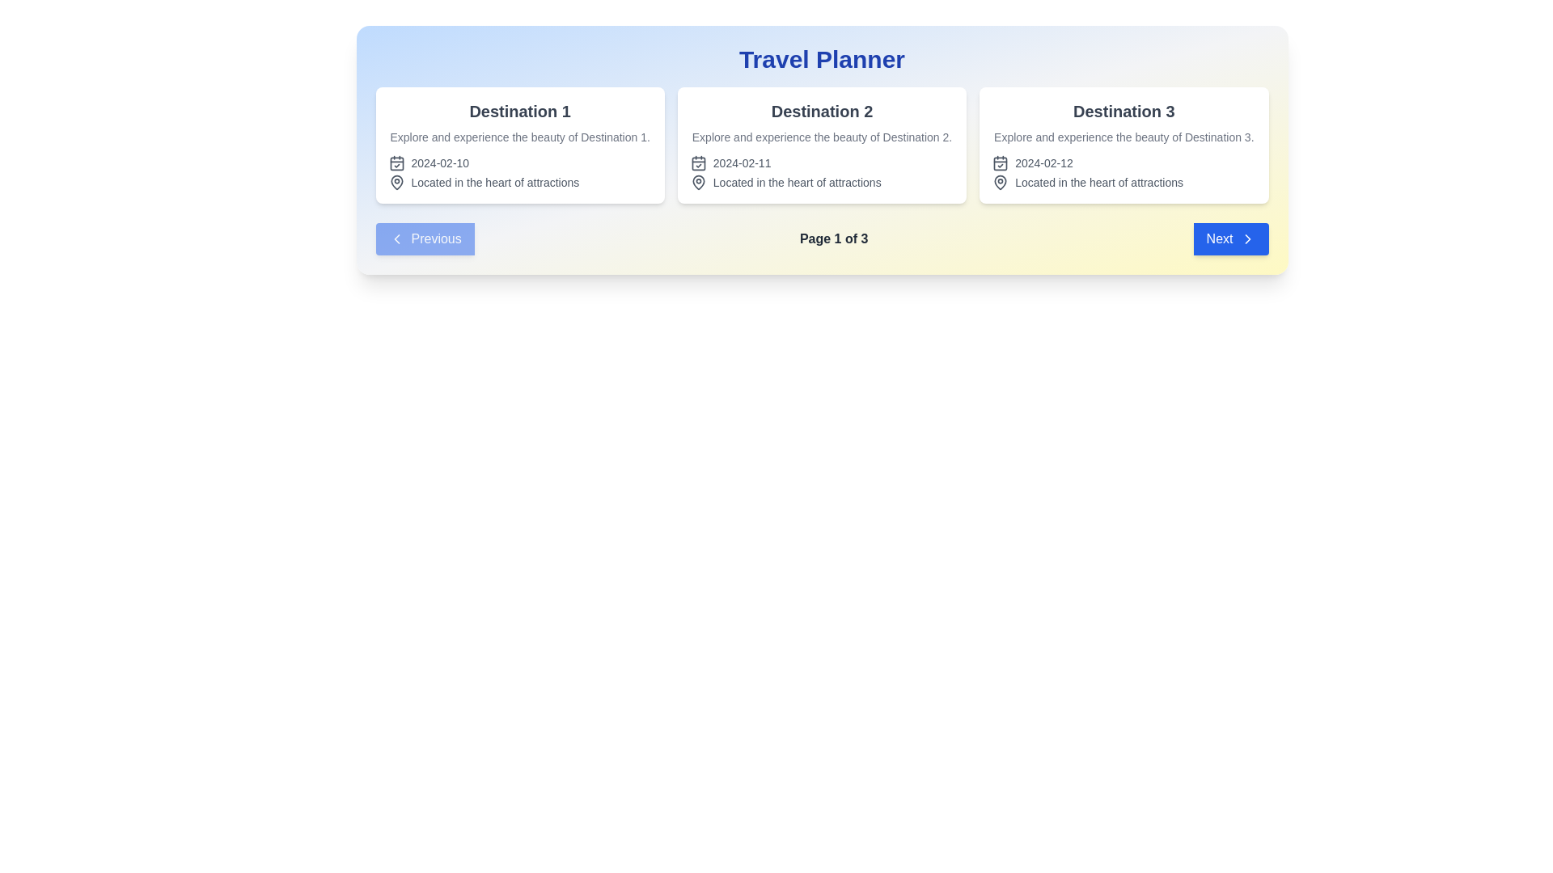  I want to click on the location icon that represents geographical information, situated to the left of the text 'Located in the heart of attractions.', so click(1000, 182).